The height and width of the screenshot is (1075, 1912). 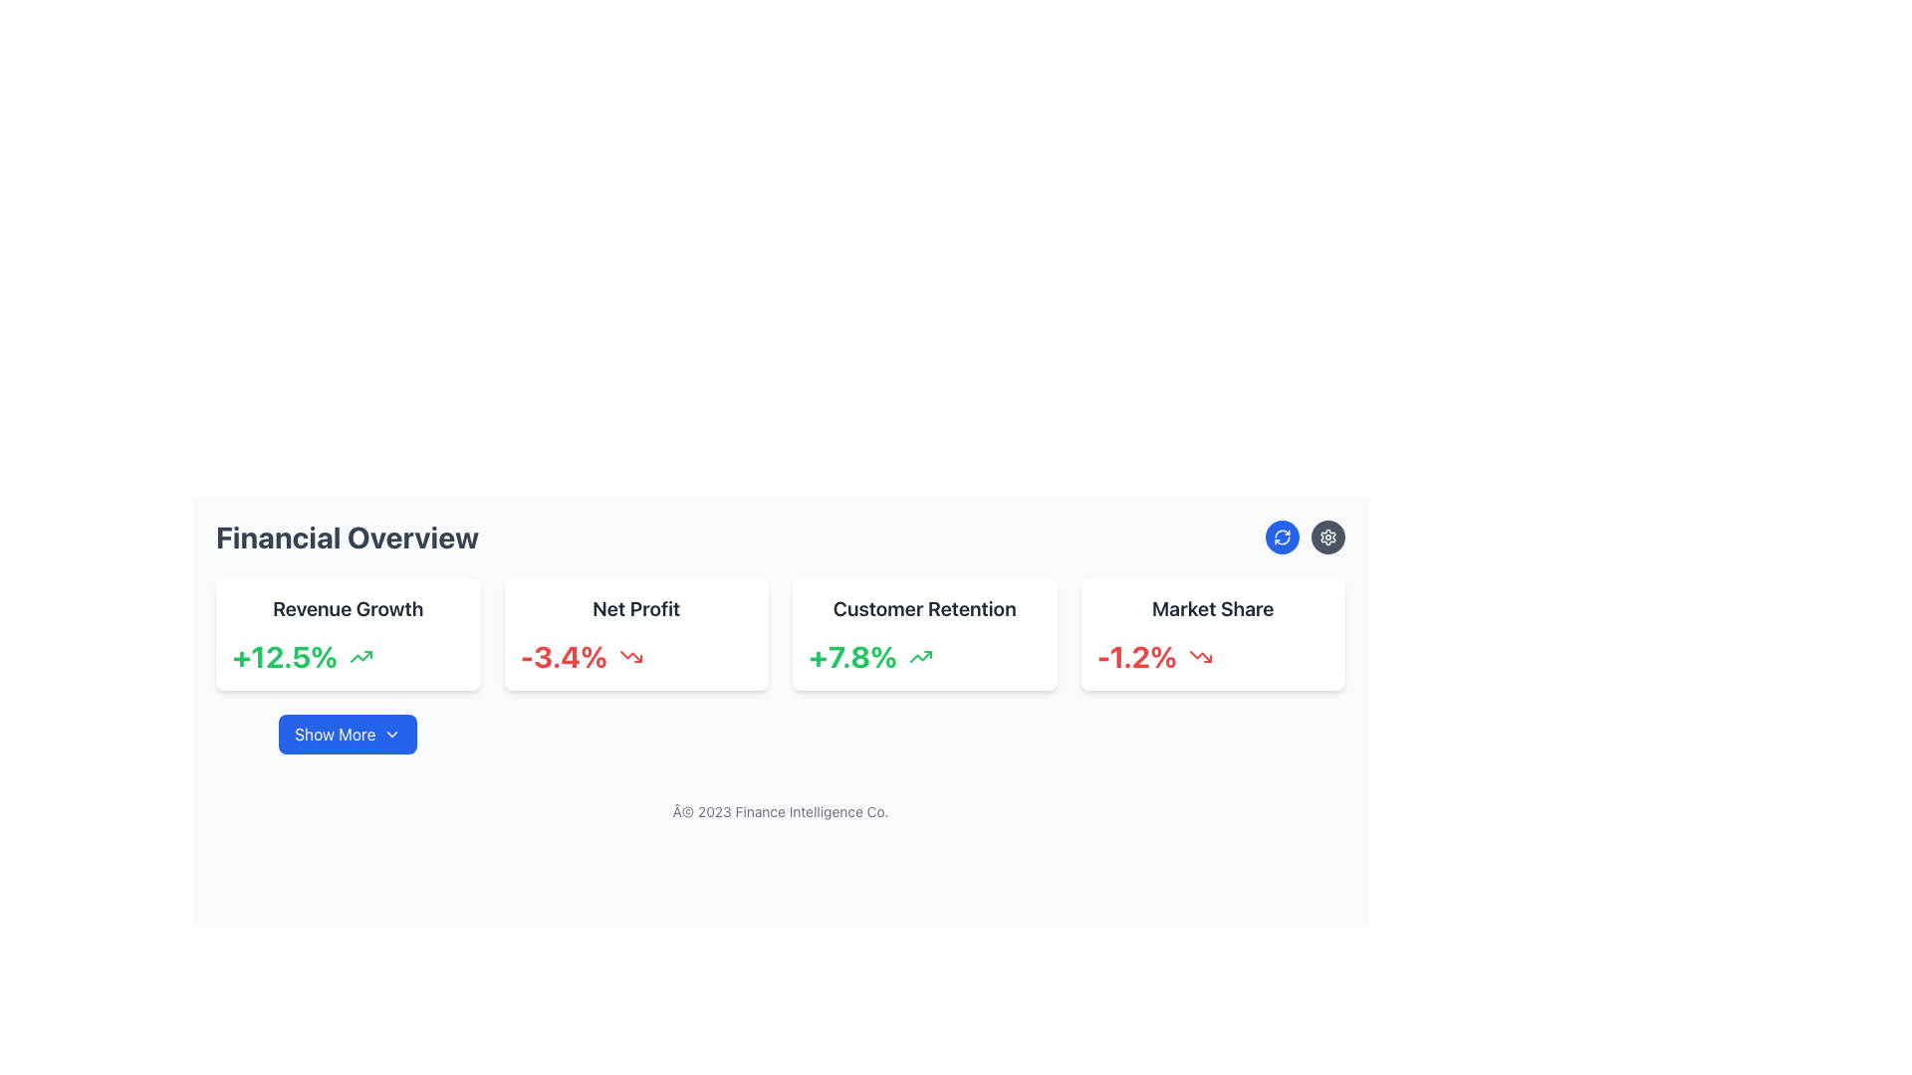 I want to click on the customer retention metrics card that displays the percentage change in customer retention with an upward arrow, situated in the bottom row of the grid layout, to the right of the 'Net Profit' card and to the left of the 'Market Share' card, so click(x=923, y=634).